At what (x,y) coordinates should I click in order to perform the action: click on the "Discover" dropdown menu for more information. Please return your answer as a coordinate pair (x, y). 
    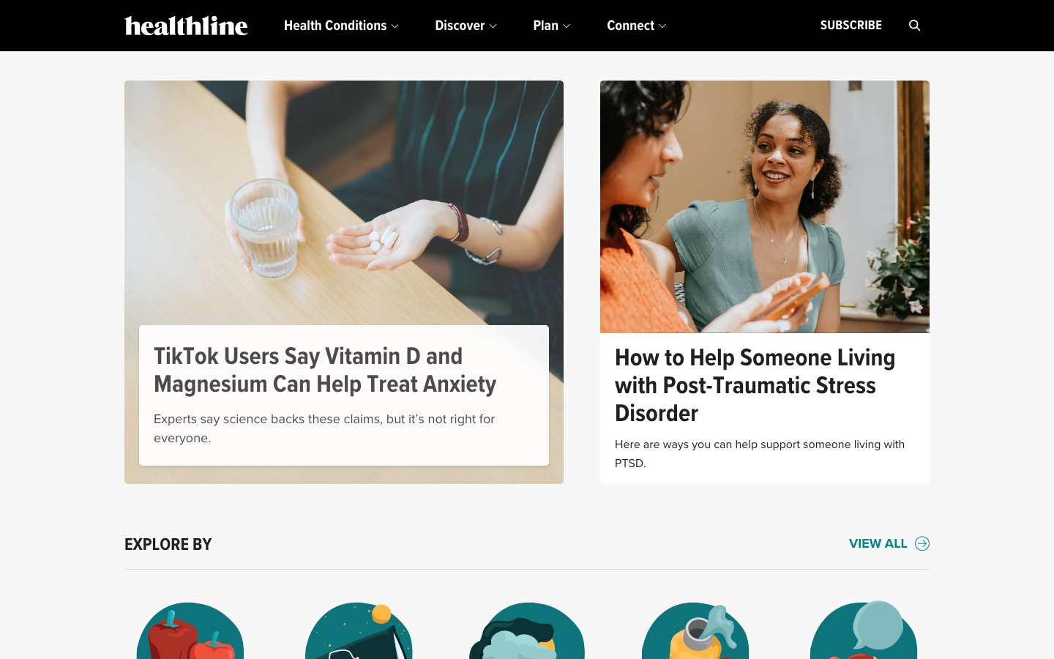
    Looking at the image, I should click on (465, 25).